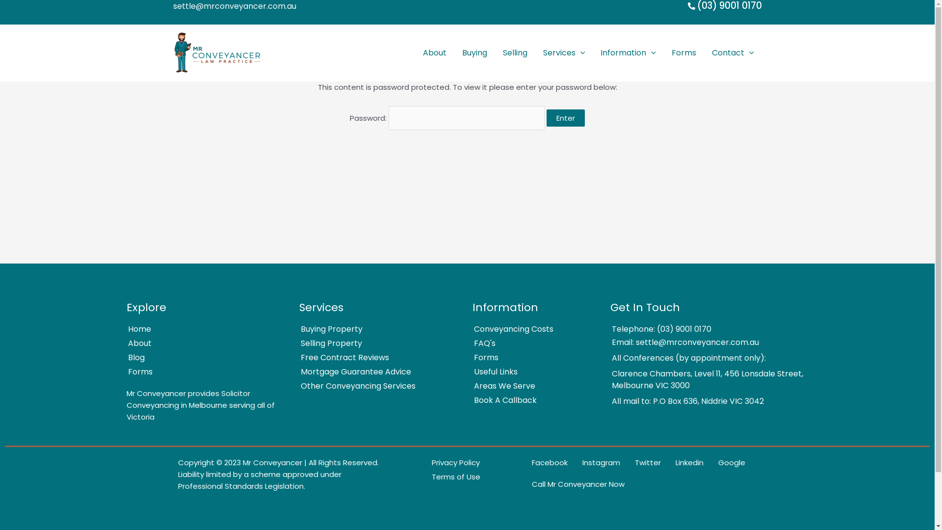 This screenshot has height=530, width=942. What do you see at coordinates (202, 329) in the screenshot?
I see `'Home'` at bounding box center [202, 329].